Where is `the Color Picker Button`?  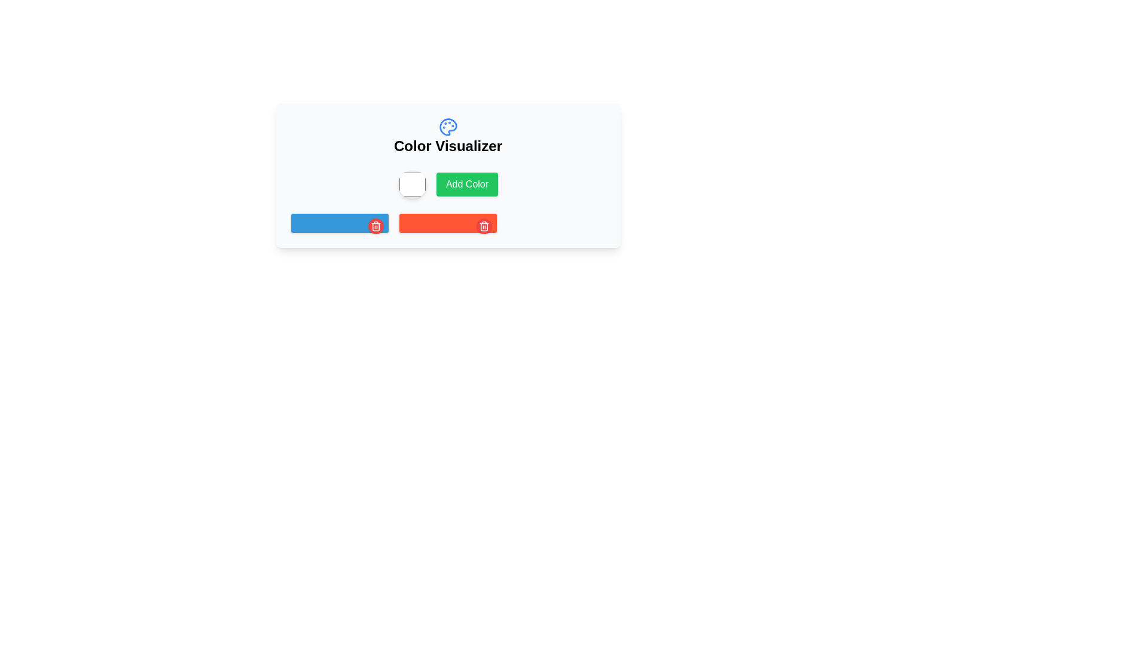 the Color Picker Button is located at coordinates (412, 184).